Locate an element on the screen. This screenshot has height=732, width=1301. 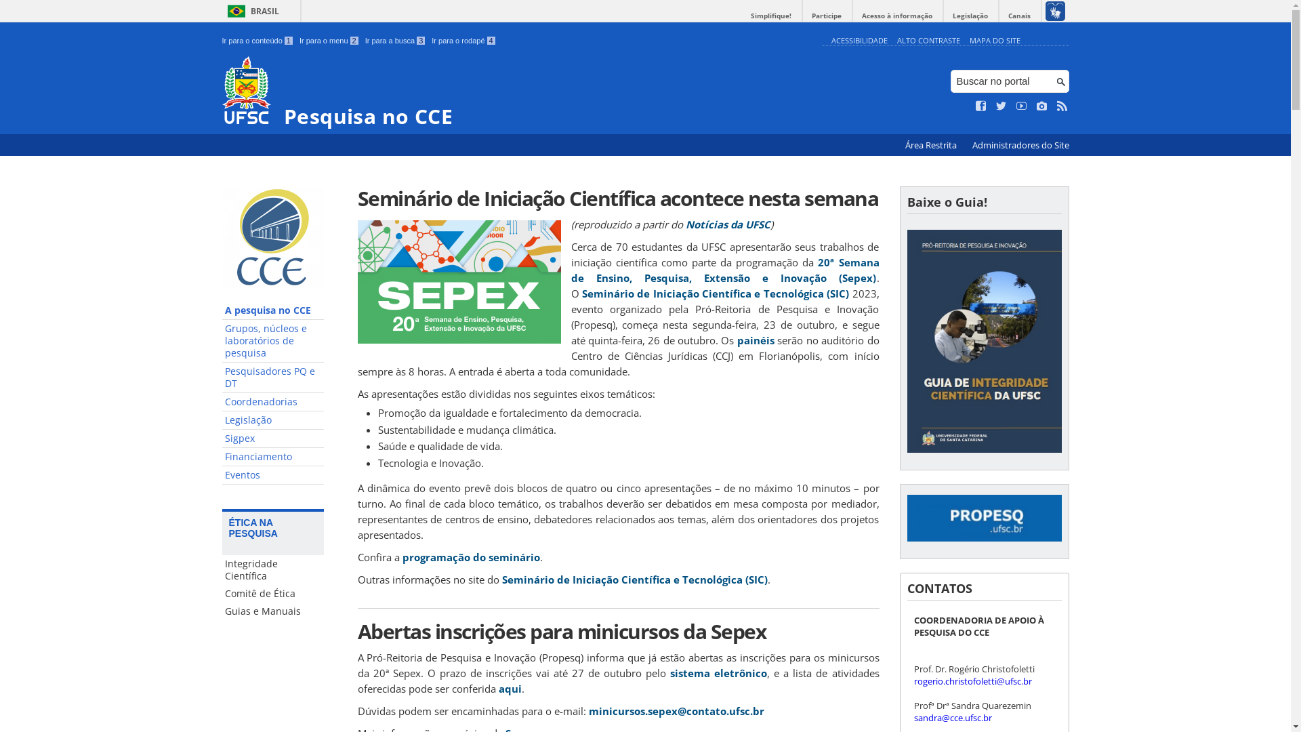
'Pesquisadores PQ e DT' is located at coordinates (272, 378).